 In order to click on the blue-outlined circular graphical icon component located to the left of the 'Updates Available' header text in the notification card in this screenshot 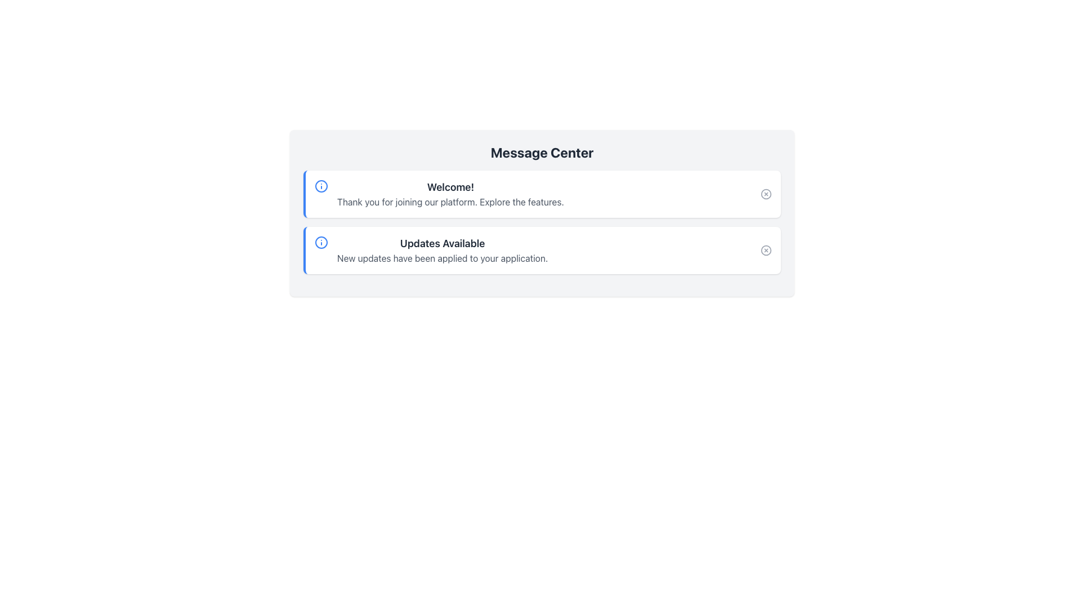, I will do `click(321, 242)`.